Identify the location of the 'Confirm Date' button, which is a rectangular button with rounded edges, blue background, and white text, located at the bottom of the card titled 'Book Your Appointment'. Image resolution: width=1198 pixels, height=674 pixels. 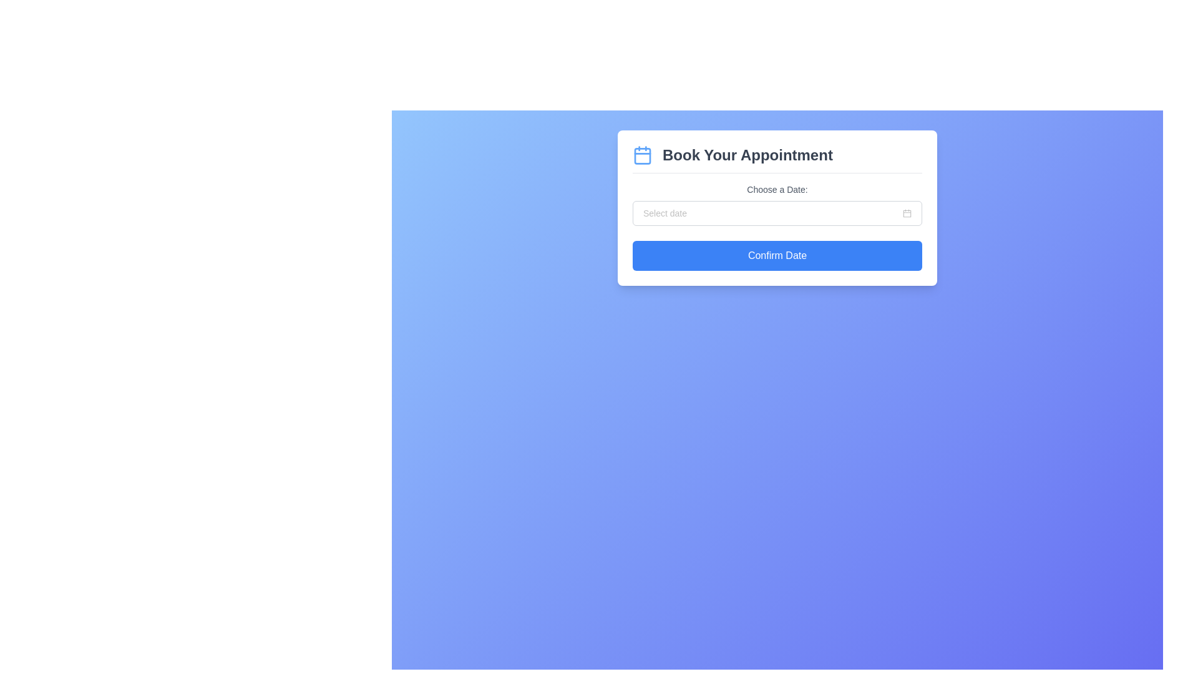
(777, 255).